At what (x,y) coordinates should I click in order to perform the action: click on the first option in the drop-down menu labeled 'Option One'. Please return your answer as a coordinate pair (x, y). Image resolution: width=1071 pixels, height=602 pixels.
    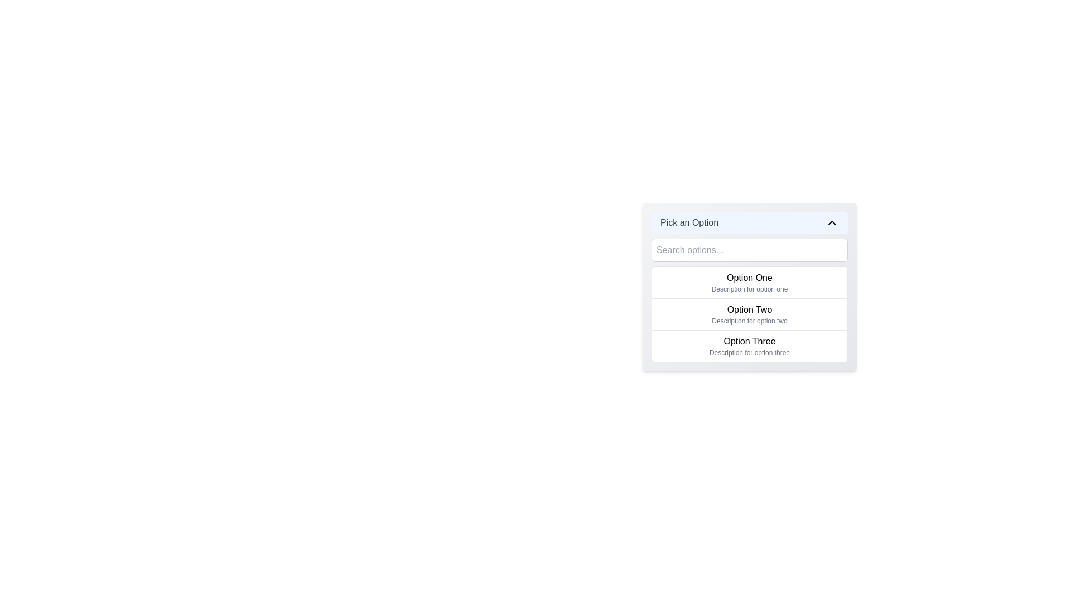
    Looking at the image, I should click on (750, 281).